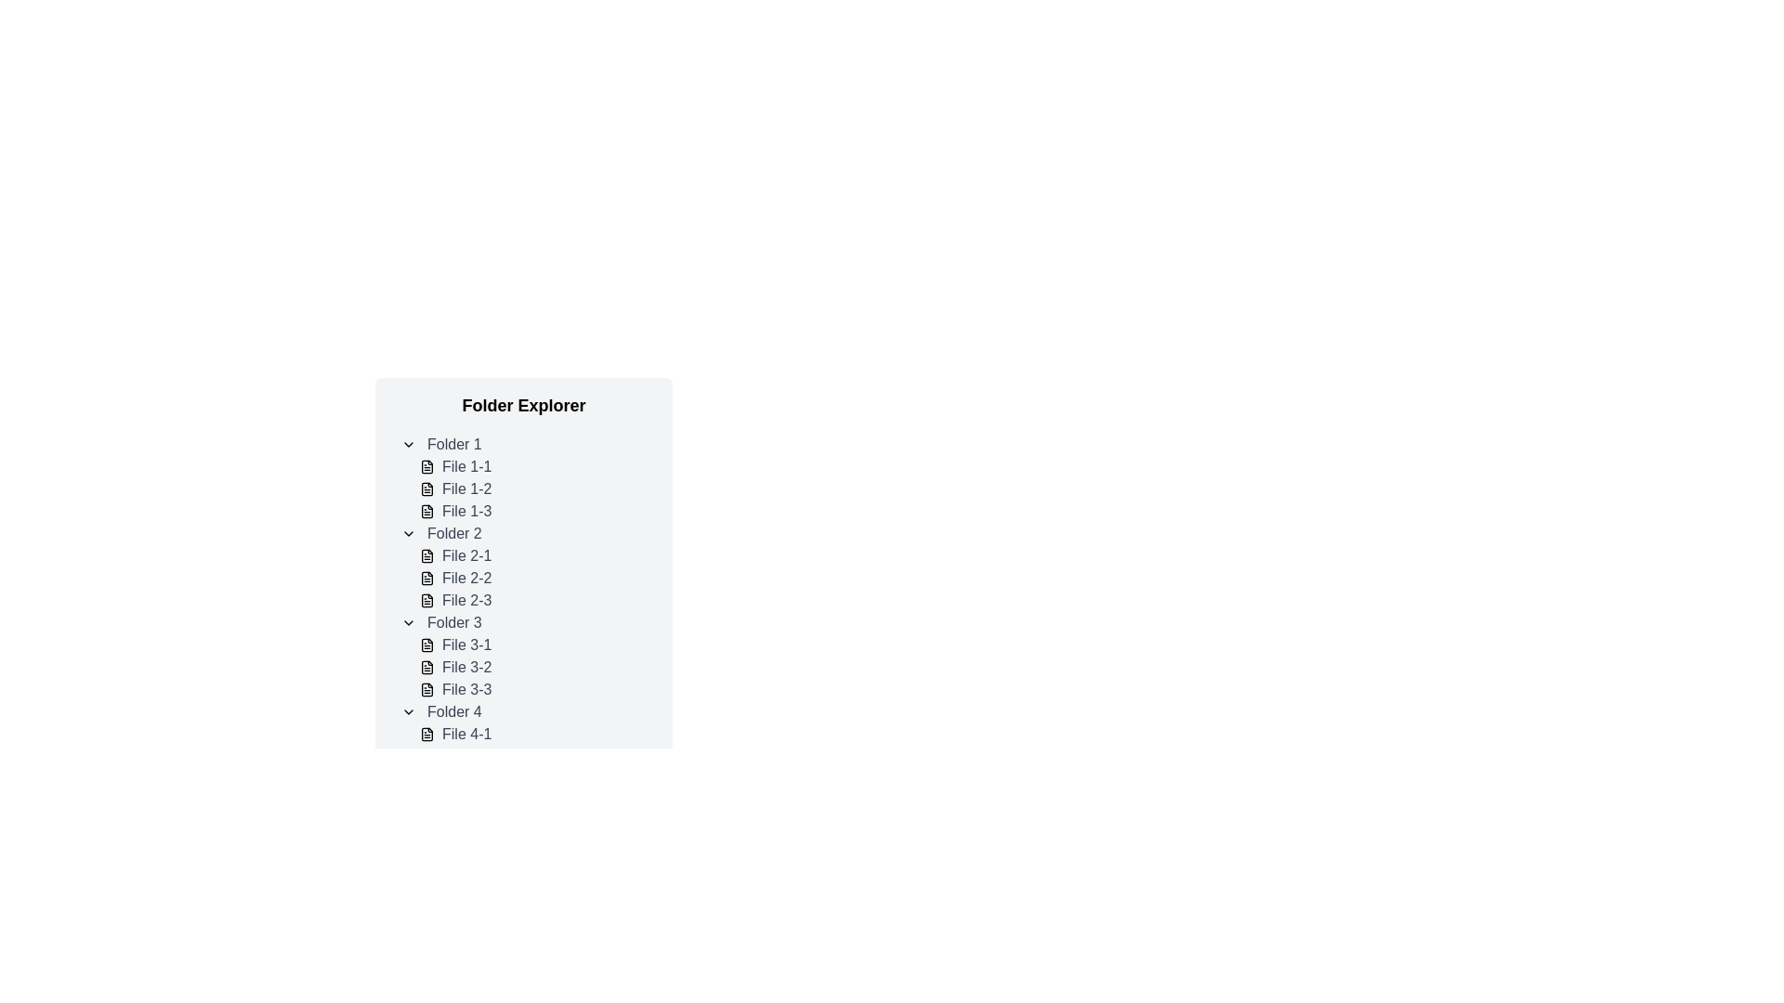 The height and width of the screenshot is (1003, 1784). What do you see at coordinates (534, 578) in the screenshot?
I see `the list item representing 'File 2-2'` at bounding box center [534, 578].